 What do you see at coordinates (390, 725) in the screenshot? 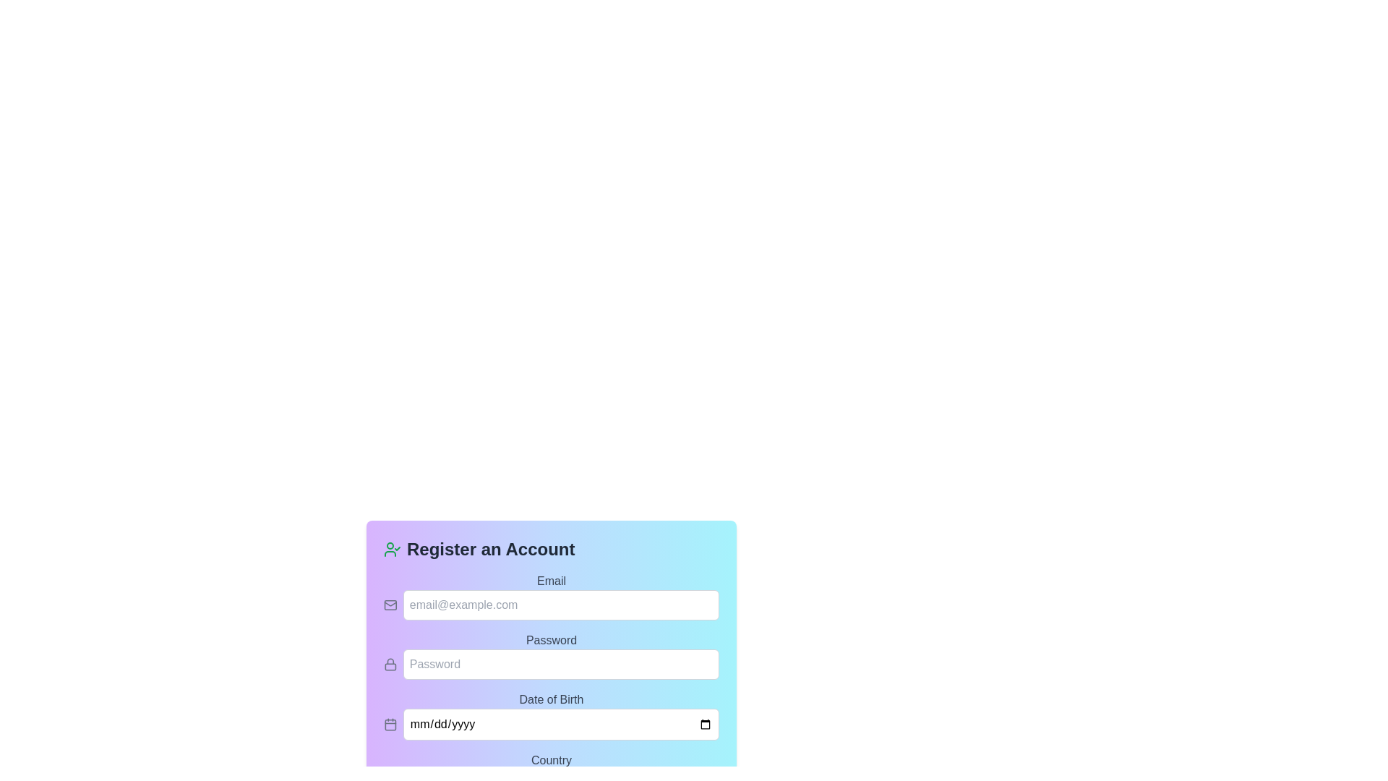
I see `the small calendar icon with a gray outline, which is positioned to the left of the 'Date of Birth' input field labeled 'mm/dd/yyyy' in the registration form` at bounding box center [390, 725].